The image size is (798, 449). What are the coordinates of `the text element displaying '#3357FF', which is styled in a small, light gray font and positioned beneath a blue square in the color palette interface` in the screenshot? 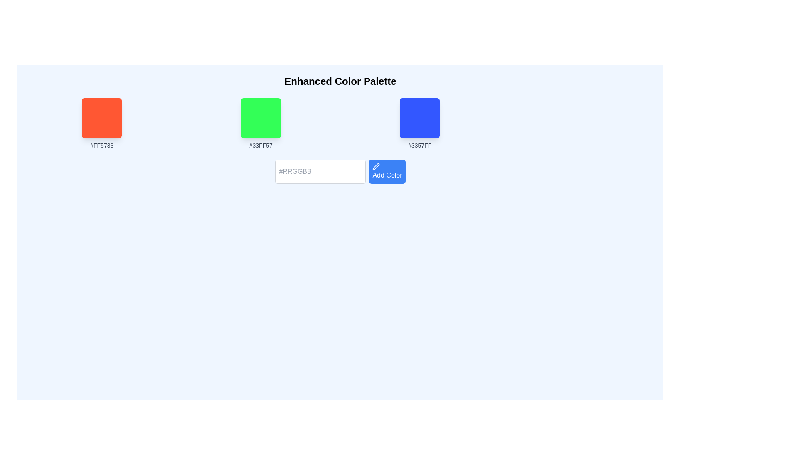 It's located at (420, 145).